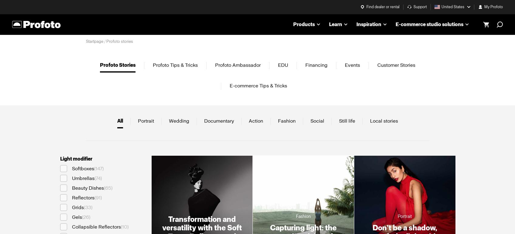 The height and width of the screenshot is (234, 515). What do you see at coordinates (218, 120) in the screenshot?
I see `'Documentary'` at bounding box center [218, 120].